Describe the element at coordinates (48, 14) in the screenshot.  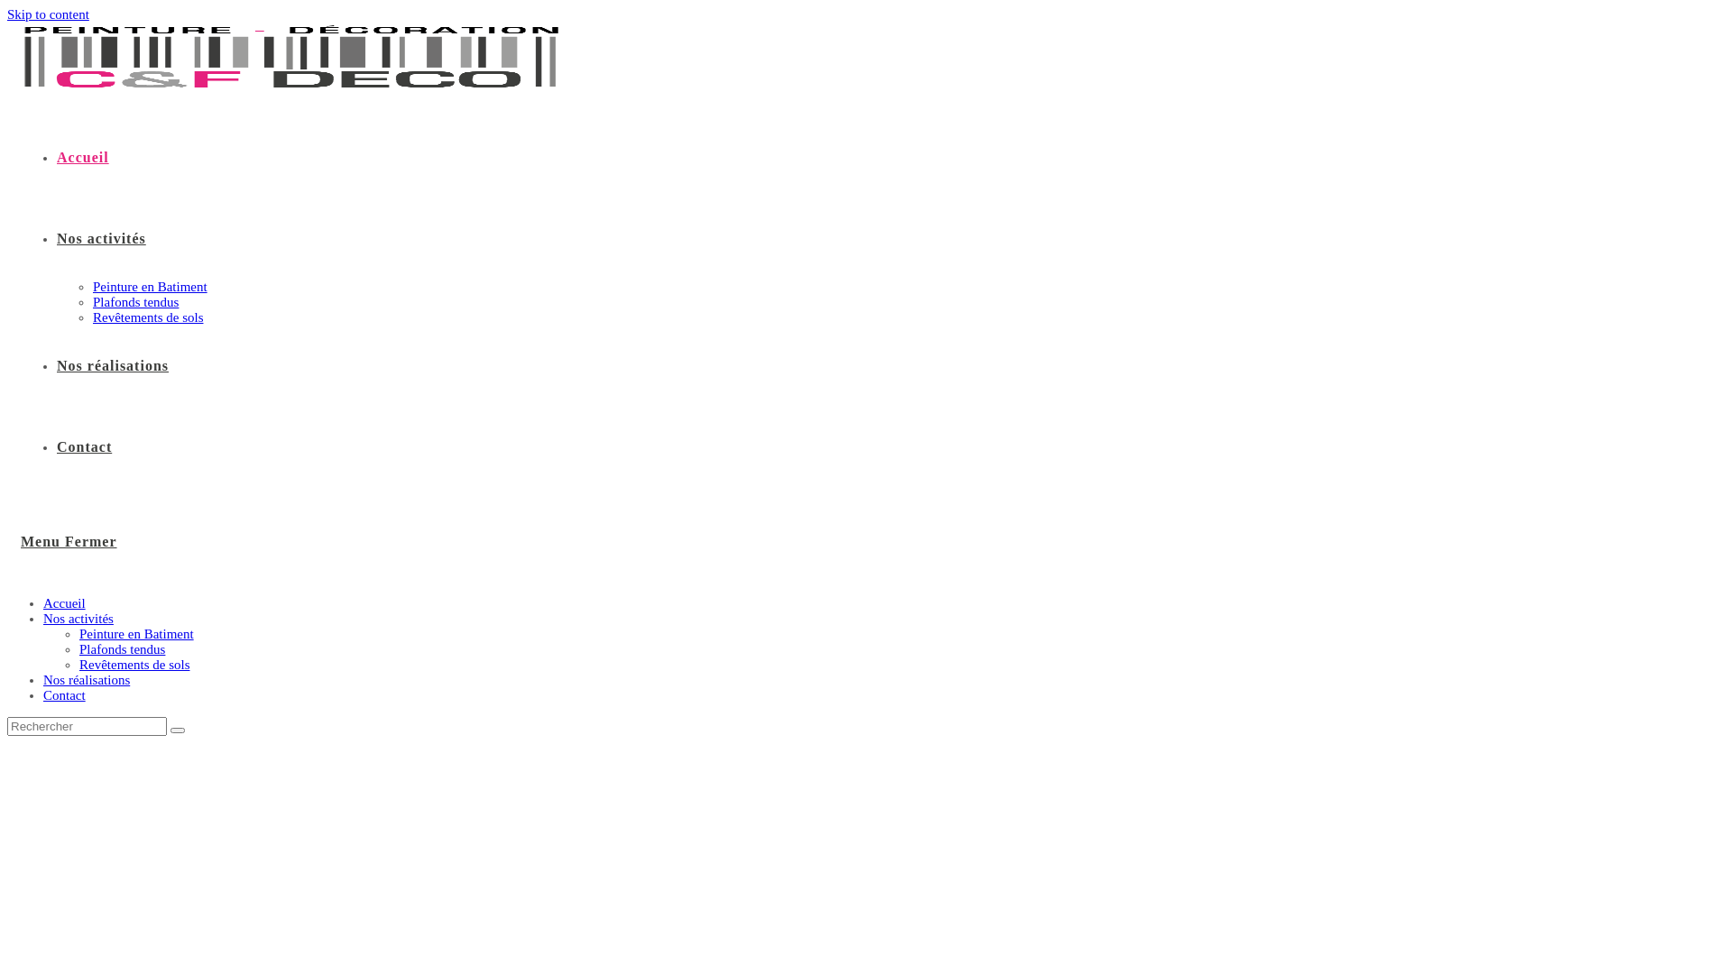
I see `'Skip to content'` at that location.